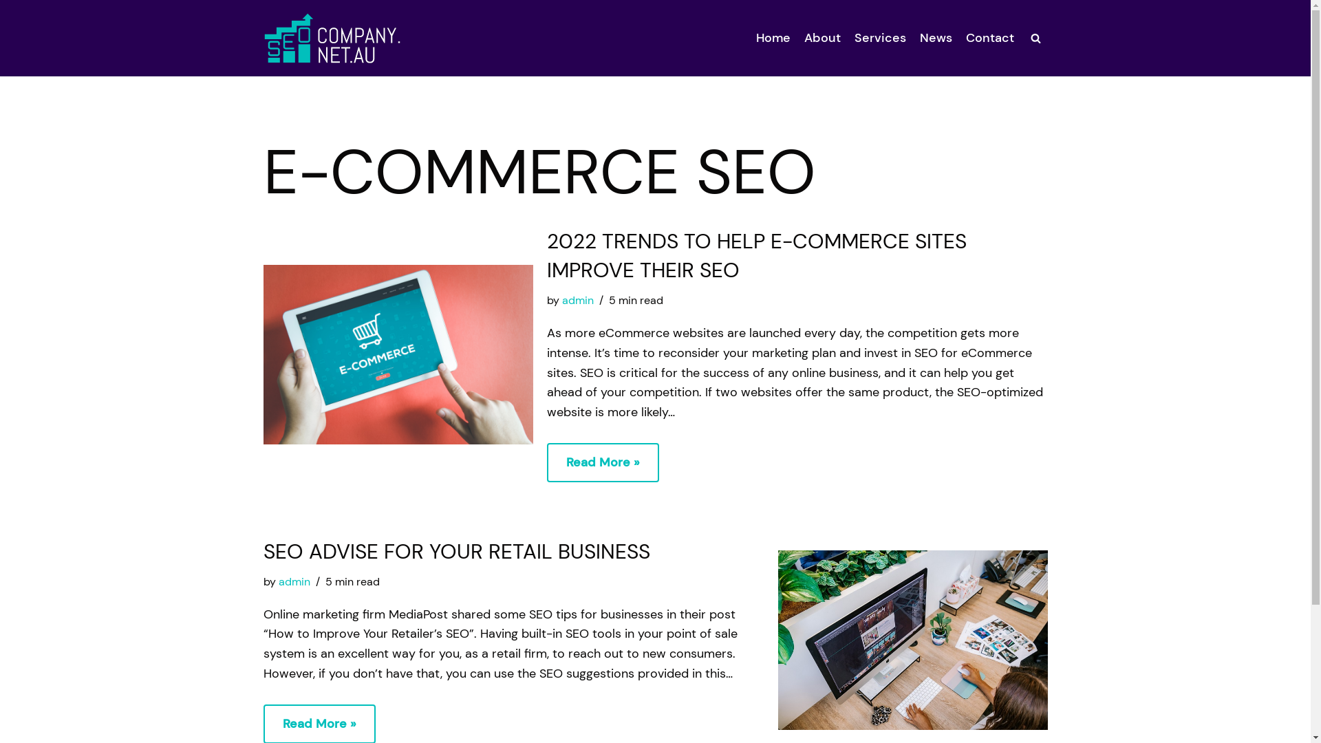 This screenshot has height=743, width=1321. I want to click on 'About', so click(803, 37).